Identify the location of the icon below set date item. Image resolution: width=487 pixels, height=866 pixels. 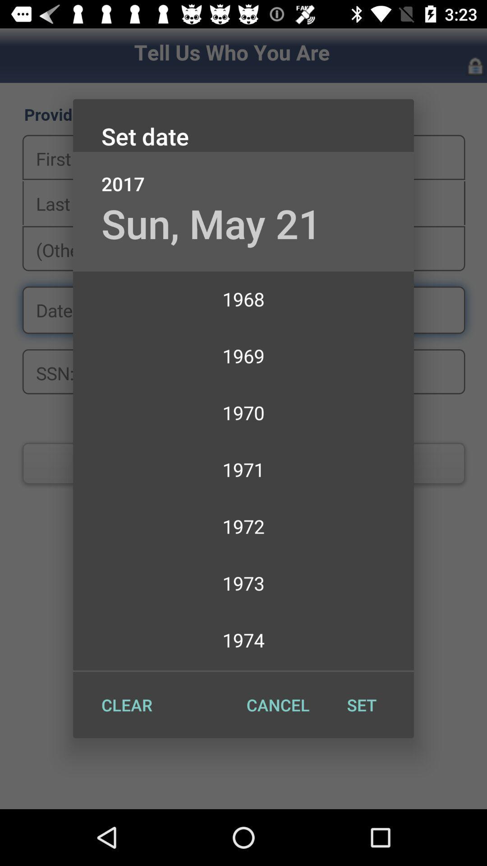
(243, 174).